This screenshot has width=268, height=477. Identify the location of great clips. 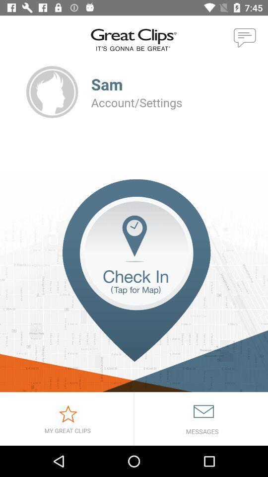
(67, 418).